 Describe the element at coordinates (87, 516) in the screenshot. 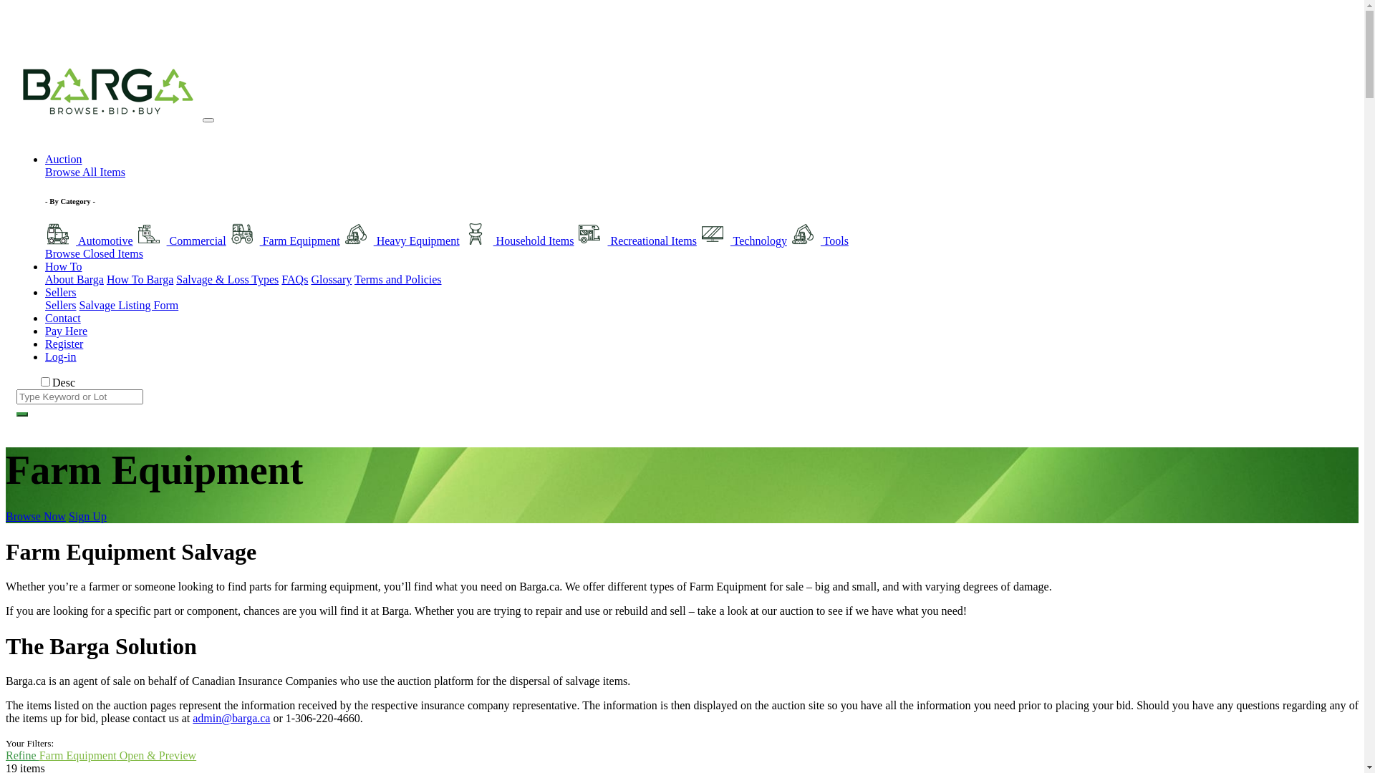

I see `'Sign Up'` at that location.